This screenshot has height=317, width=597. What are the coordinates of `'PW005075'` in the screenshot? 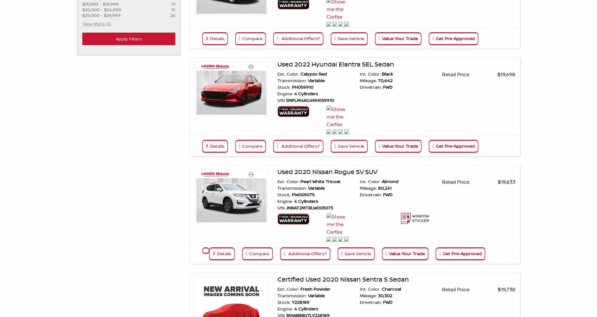 It's located at (302, 194).